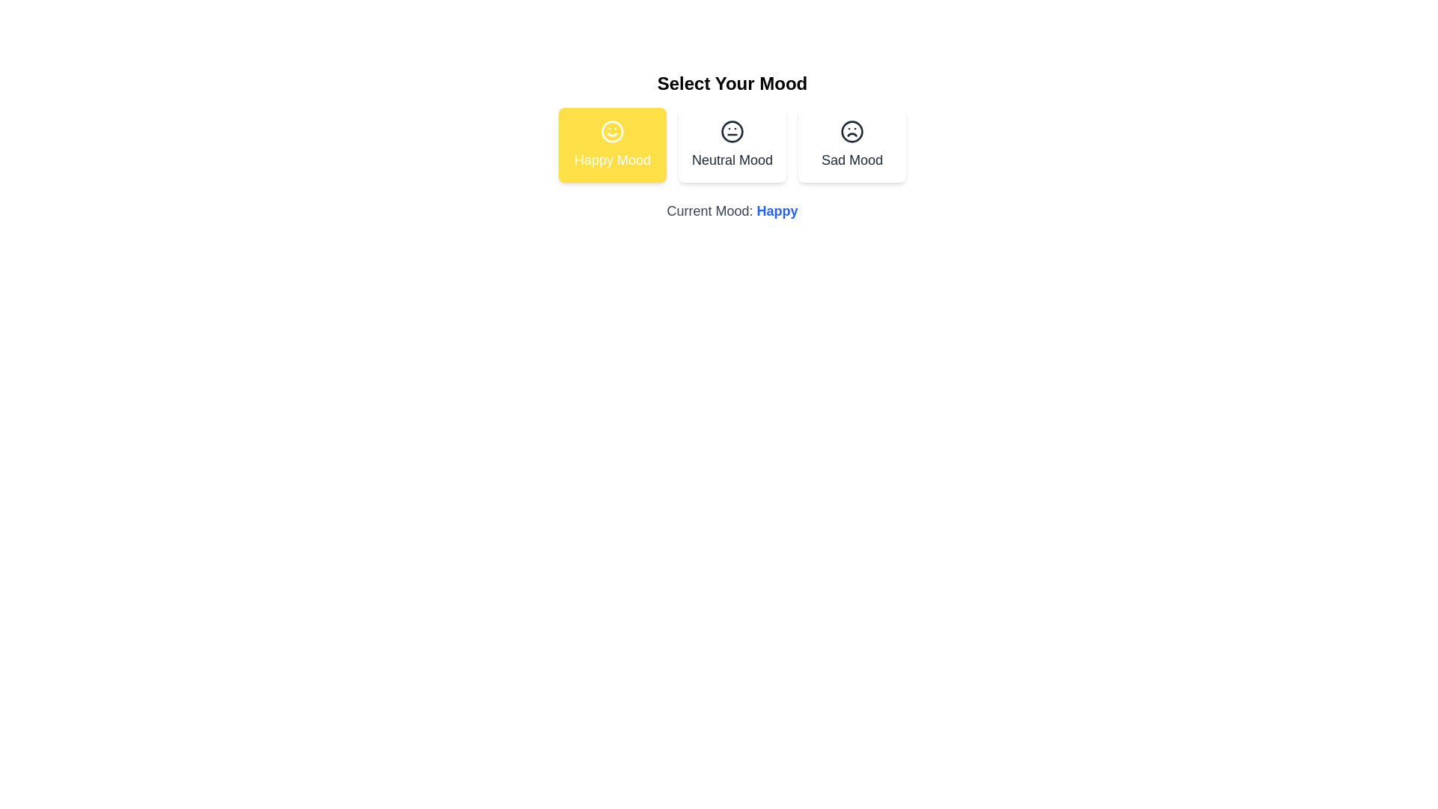 The image size is (1438, 809). I want to click on the mood button corresponding to Sad, so click(852, 145).